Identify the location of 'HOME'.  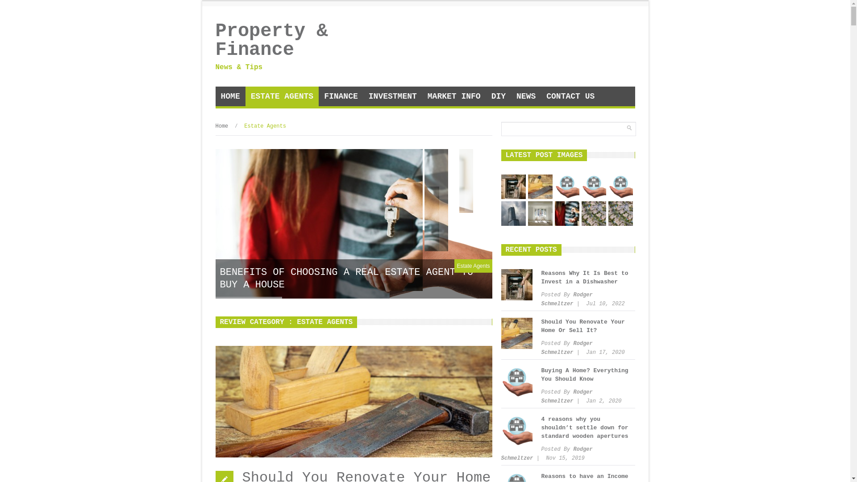
(230, 96).